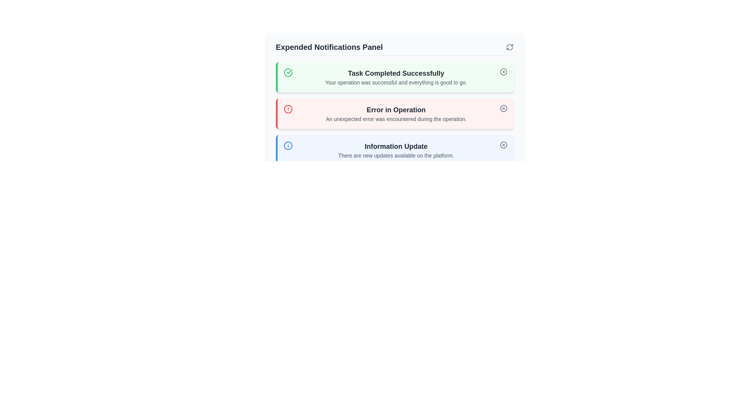 The height and width of the screenshot is (411, 731). I want to click on the text label displaying 'Information Update', which is styled in bold and dark gray, located at the top of the notification card, so click(396, 147).